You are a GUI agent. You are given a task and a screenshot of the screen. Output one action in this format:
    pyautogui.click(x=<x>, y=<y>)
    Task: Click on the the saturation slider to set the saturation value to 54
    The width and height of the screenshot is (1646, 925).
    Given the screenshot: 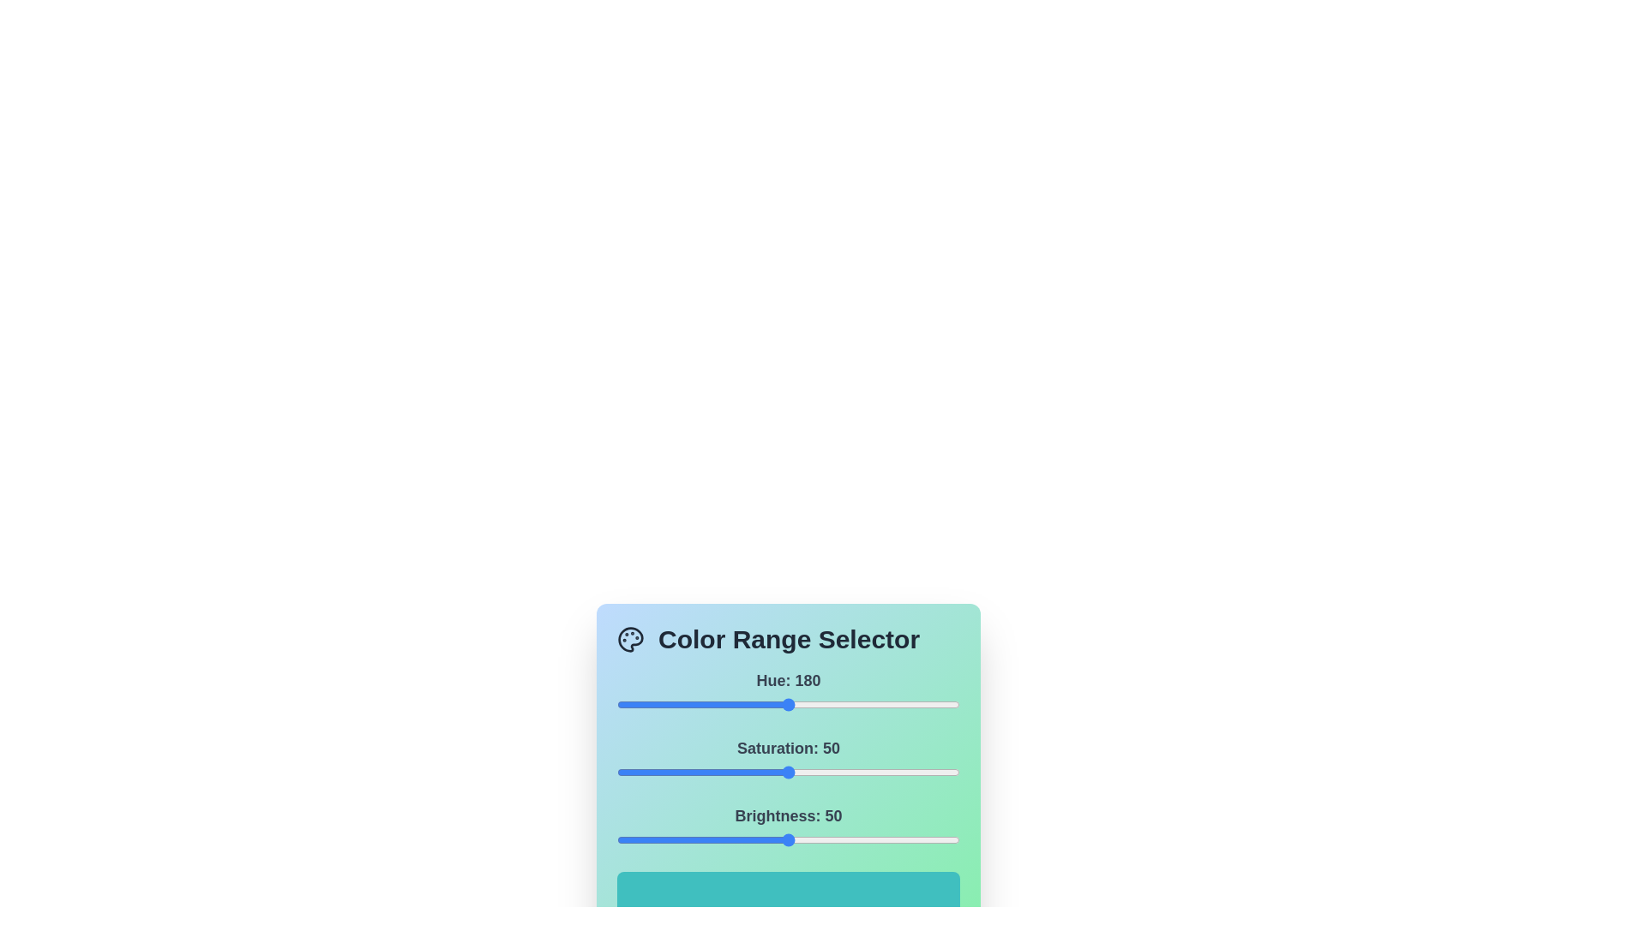 What is the action you would take?
    pyautogui.click(x=802, y=773)
    